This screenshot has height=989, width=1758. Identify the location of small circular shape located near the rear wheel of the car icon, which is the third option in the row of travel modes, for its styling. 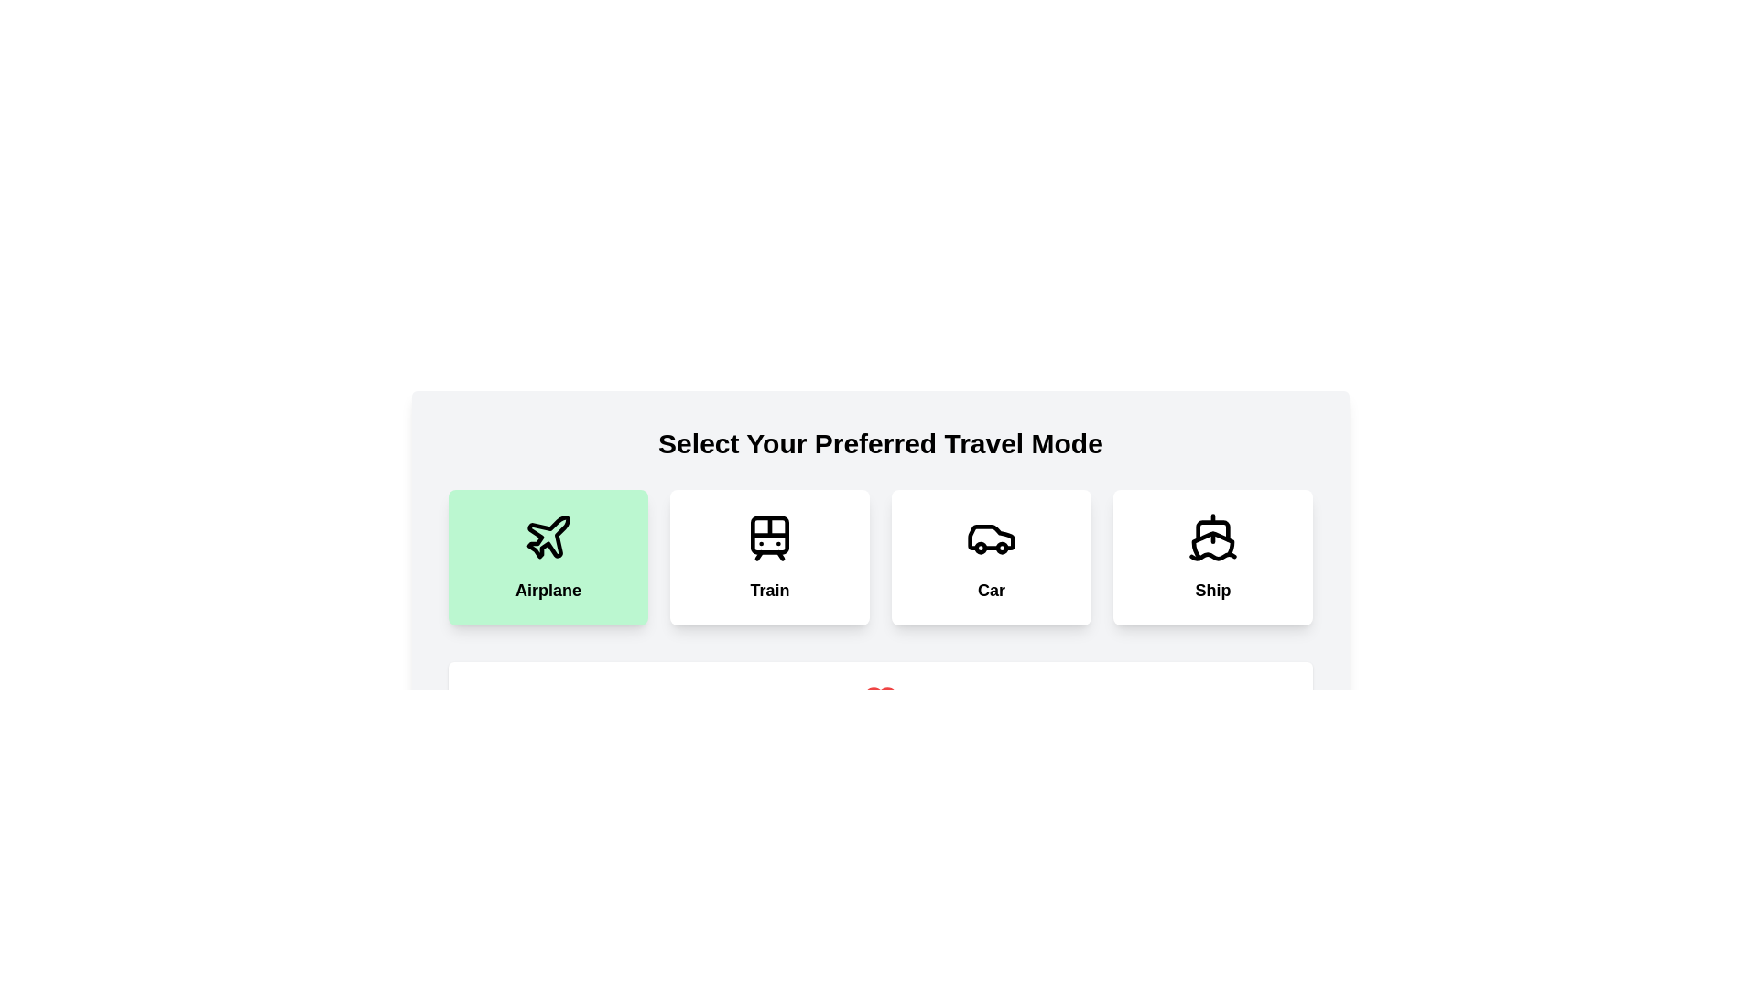
(979, 546).